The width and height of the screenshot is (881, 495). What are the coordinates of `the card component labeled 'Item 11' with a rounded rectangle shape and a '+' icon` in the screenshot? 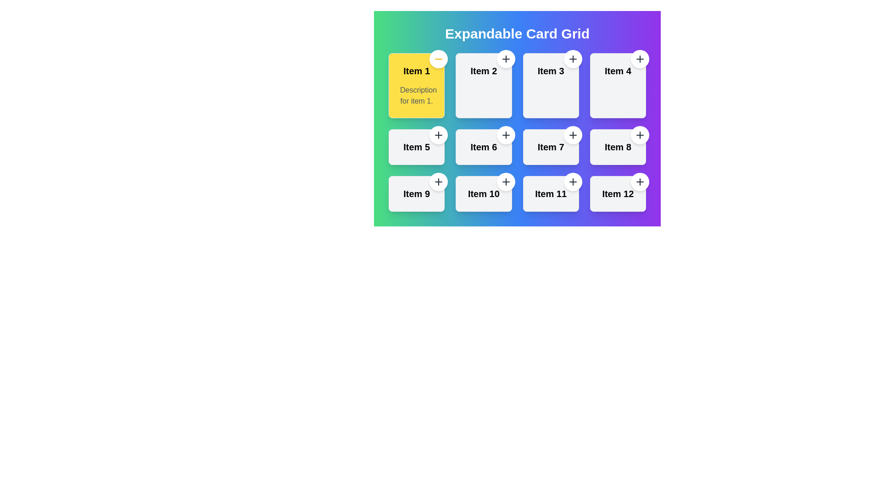 It's located at (551, 193).